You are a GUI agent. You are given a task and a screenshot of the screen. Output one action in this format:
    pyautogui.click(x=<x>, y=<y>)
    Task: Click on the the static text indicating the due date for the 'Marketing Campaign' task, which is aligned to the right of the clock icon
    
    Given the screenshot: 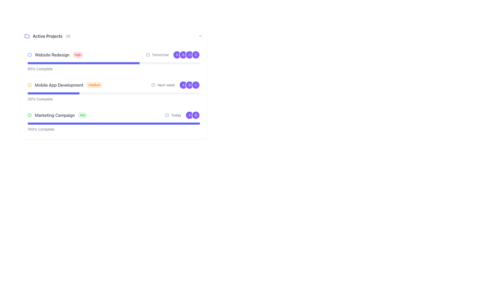 What is the action you would take?
    pyautogui.click(x=176, y=115)
    